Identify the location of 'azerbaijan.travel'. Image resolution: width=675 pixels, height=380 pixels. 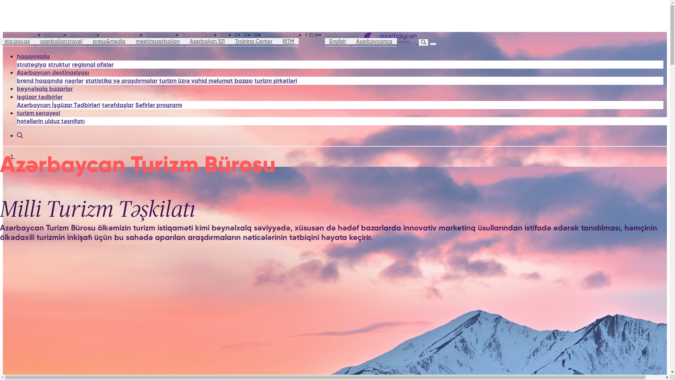
(35, 41).